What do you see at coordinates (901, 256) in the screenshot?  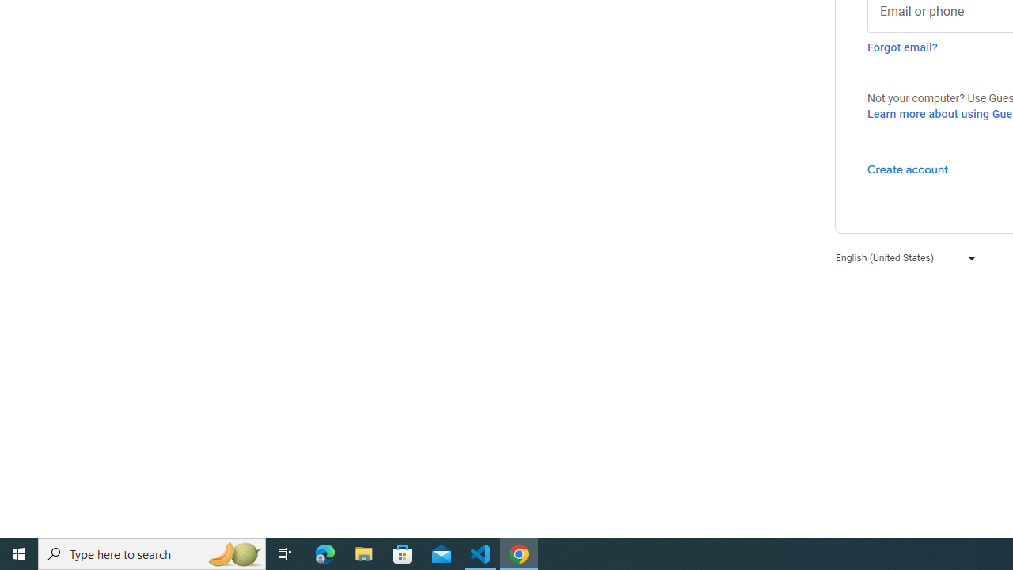 I see `'English (United States)'` at bounding box center [901, 256].